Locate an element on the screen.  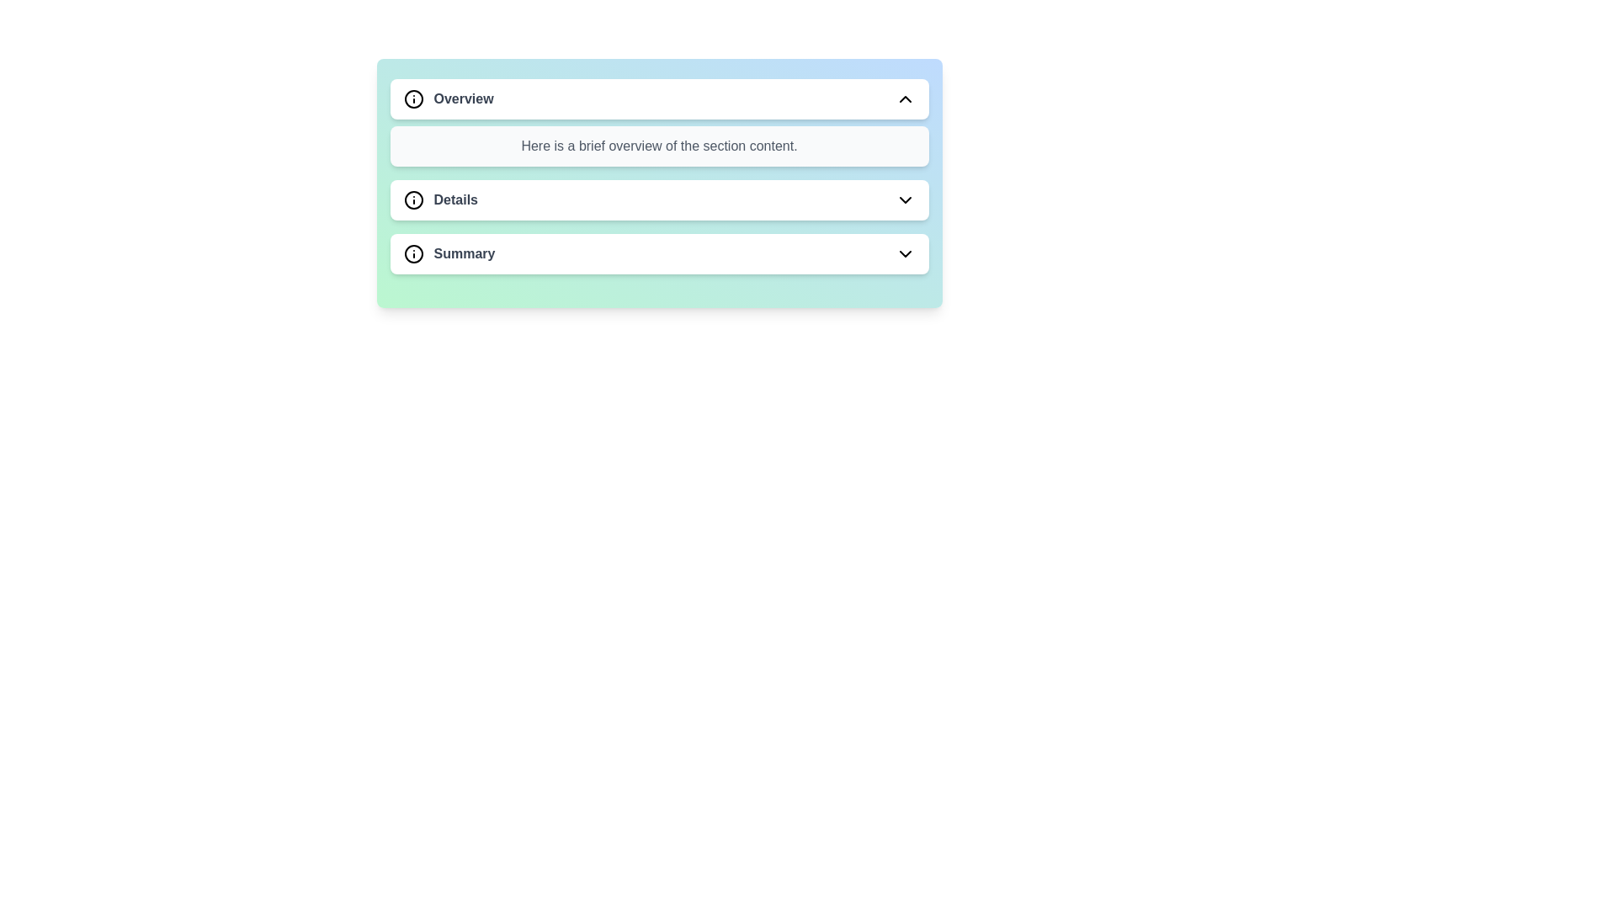
the SVG icon located at the left-most position in the header of the 'Overview' section, which is vertically centered and precedes the text 'Overview' is located at coordinates (413, 99).